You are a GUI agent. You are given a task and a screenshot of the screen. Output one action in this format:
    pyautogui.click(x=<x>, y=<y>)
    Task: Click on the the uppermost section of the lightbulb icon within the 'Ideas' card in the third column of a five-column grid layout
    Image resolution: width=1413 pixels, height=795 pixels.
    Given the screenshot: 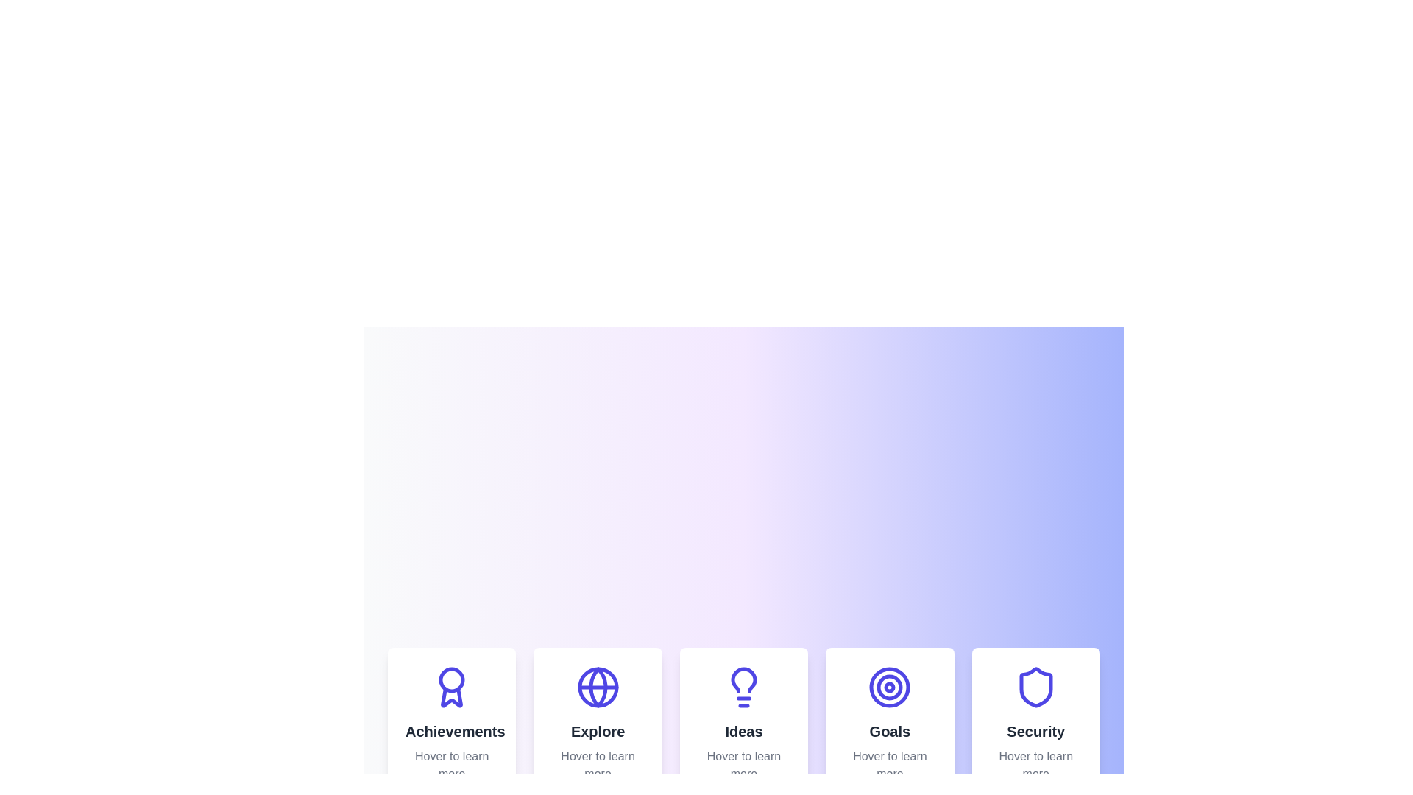 What is the action you would take?
    pyautogui.click(x=744, y=680)
    